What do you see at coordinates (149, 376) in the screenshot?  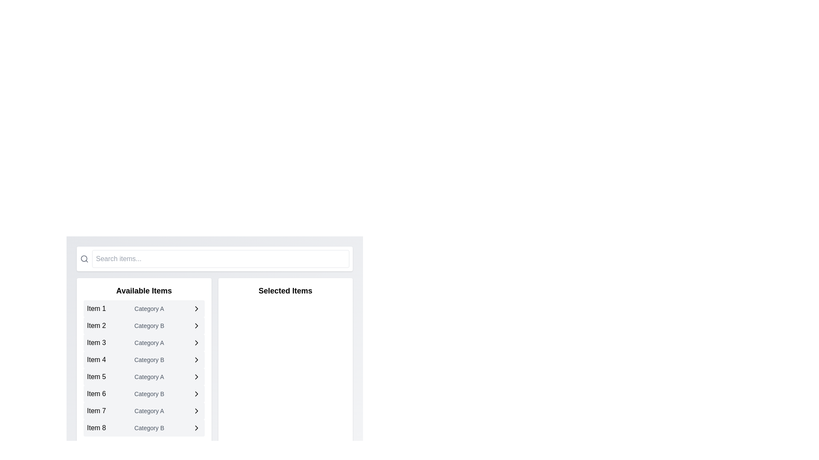 I see `the text label displaying 'Category A', which is styled in a smaller gray font and positioned below 'Item 5' within the 'Available Items' list` at bounding box center [149, 376].